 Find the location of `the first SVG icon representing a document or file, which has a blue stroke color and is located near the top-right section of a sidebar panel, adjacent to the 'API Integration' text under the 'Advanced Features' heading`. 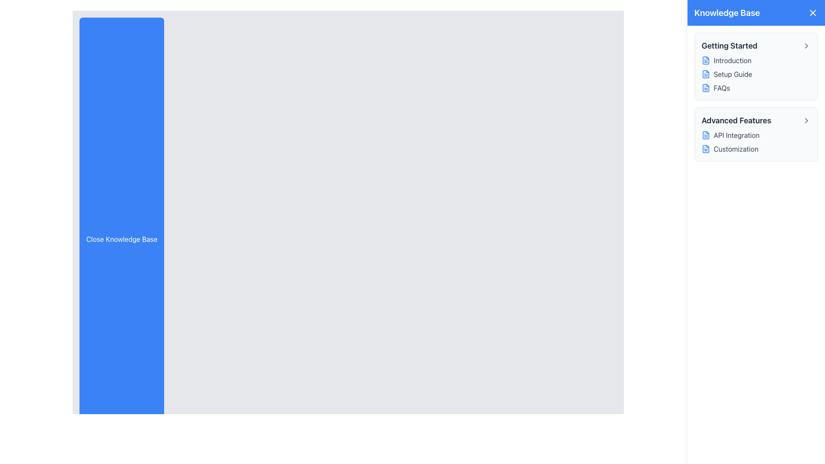

the first SVG icon representing a document or file, which has a blue stroke color and is located near the top-right section of a sidebar panel, adjacent to the 'API Integration' text under the 'Advanced Features' heading is located at coordinates (706, 135).